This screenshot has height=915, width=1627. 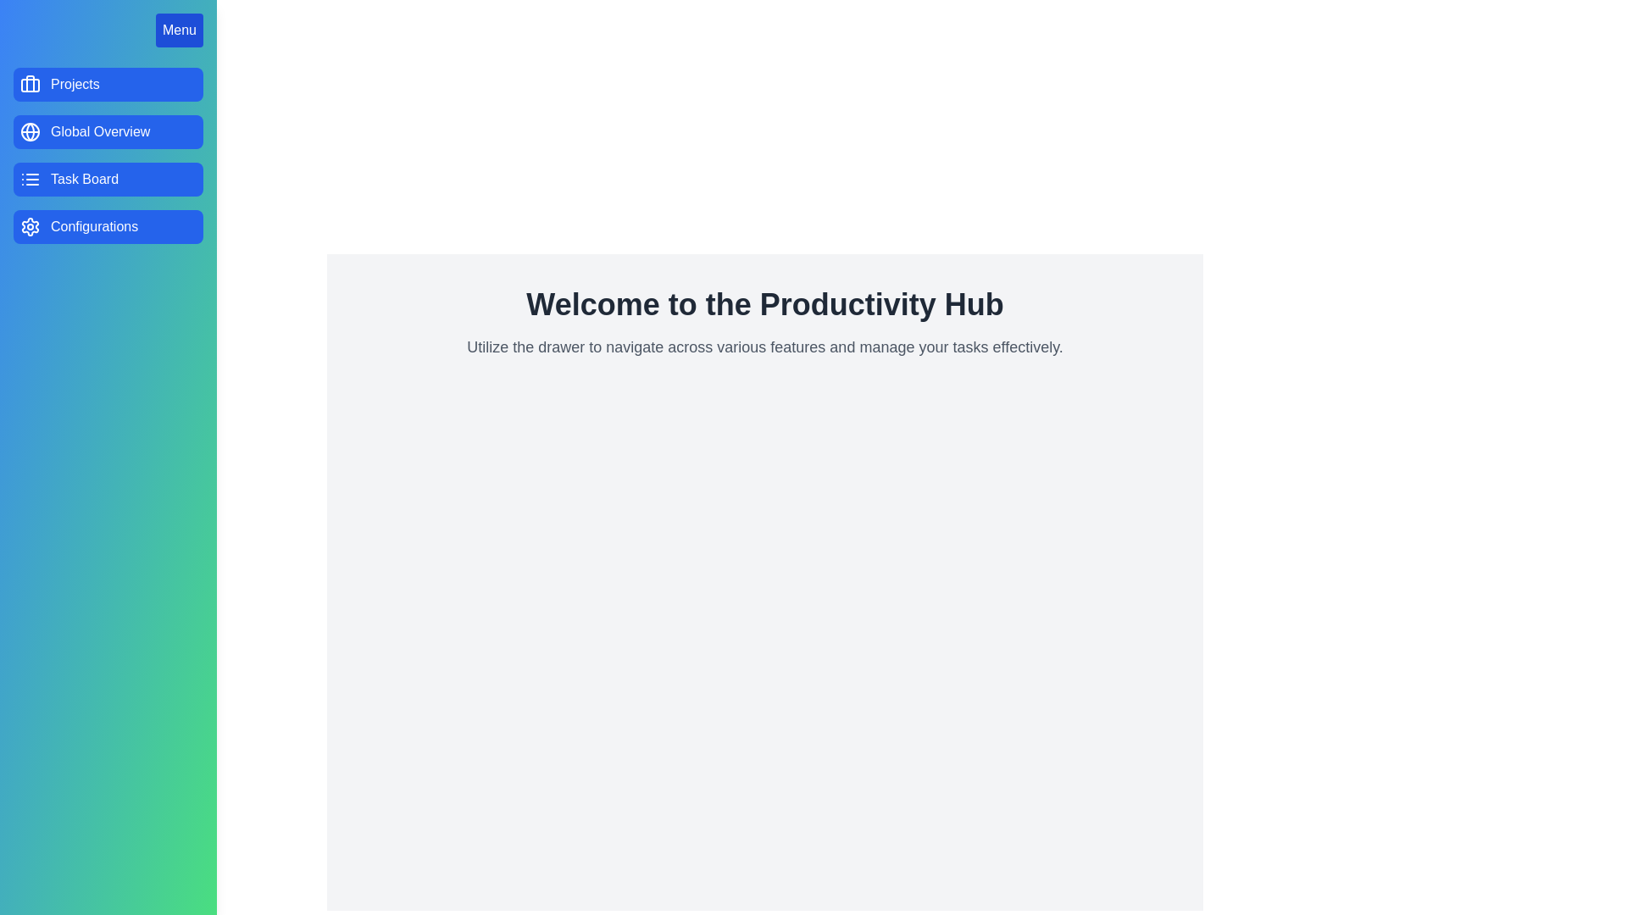 What do you see at coordinates (108, 85) in the screenshot?
I see `the menu option Projects to provide visual feedback` at bounding box center [108, 85].